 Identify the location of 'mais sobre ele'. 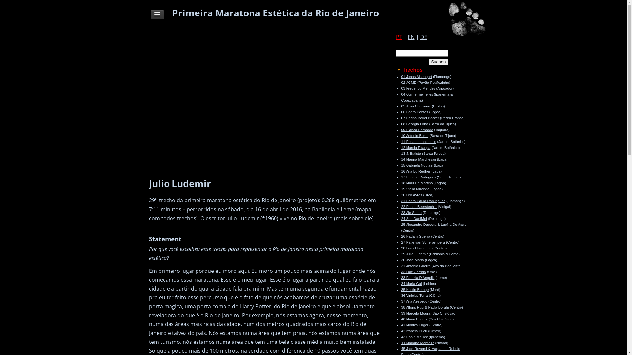
(354, 218).